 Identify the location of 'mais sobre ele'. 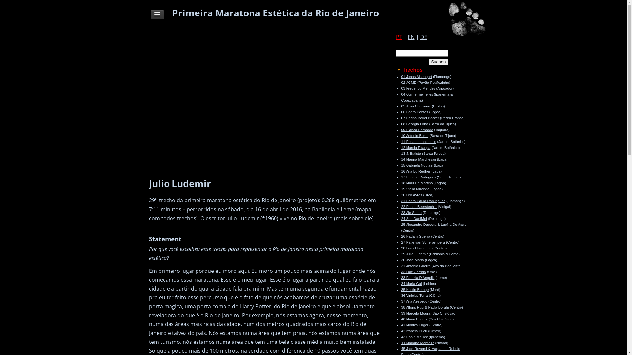
(354, 218).